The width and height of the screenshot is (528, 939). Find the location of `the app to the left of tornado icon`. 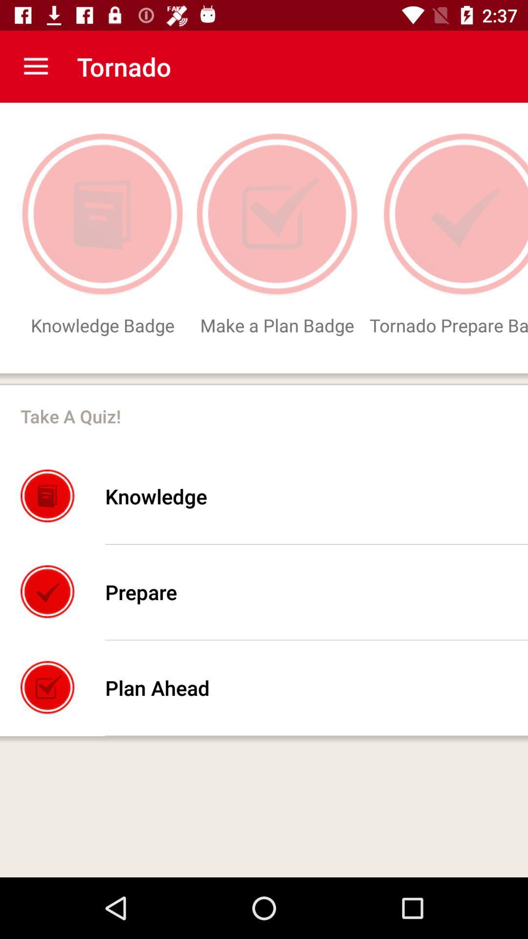

the app to the left of tornado icon is located at coordinates (35, 66).